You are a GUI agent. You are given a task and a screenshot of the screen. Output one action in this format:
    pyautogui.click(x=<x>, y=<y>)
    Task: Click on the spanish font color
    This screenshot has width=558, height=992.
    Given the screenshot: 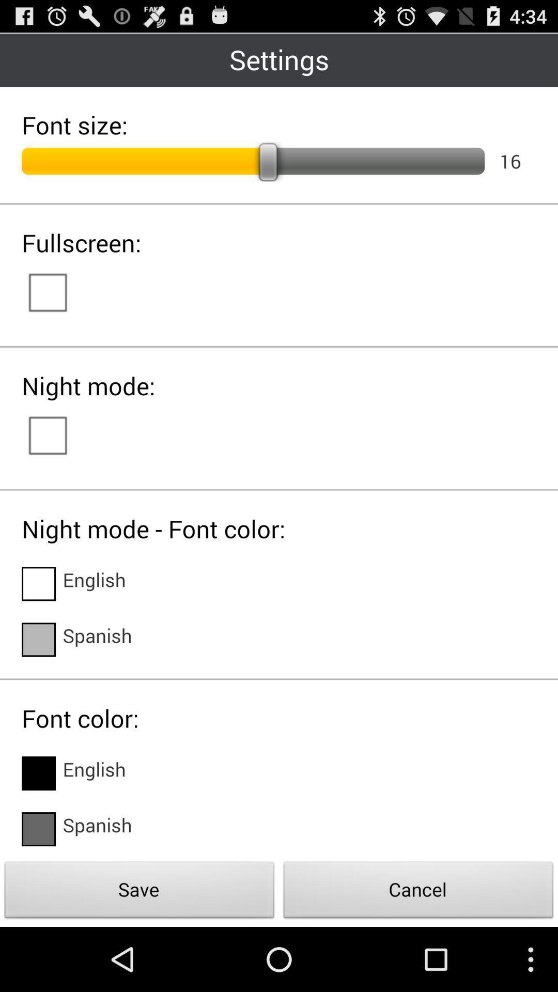 What is the action you would take?
    pyautogui.click(x=38, y=829)
    